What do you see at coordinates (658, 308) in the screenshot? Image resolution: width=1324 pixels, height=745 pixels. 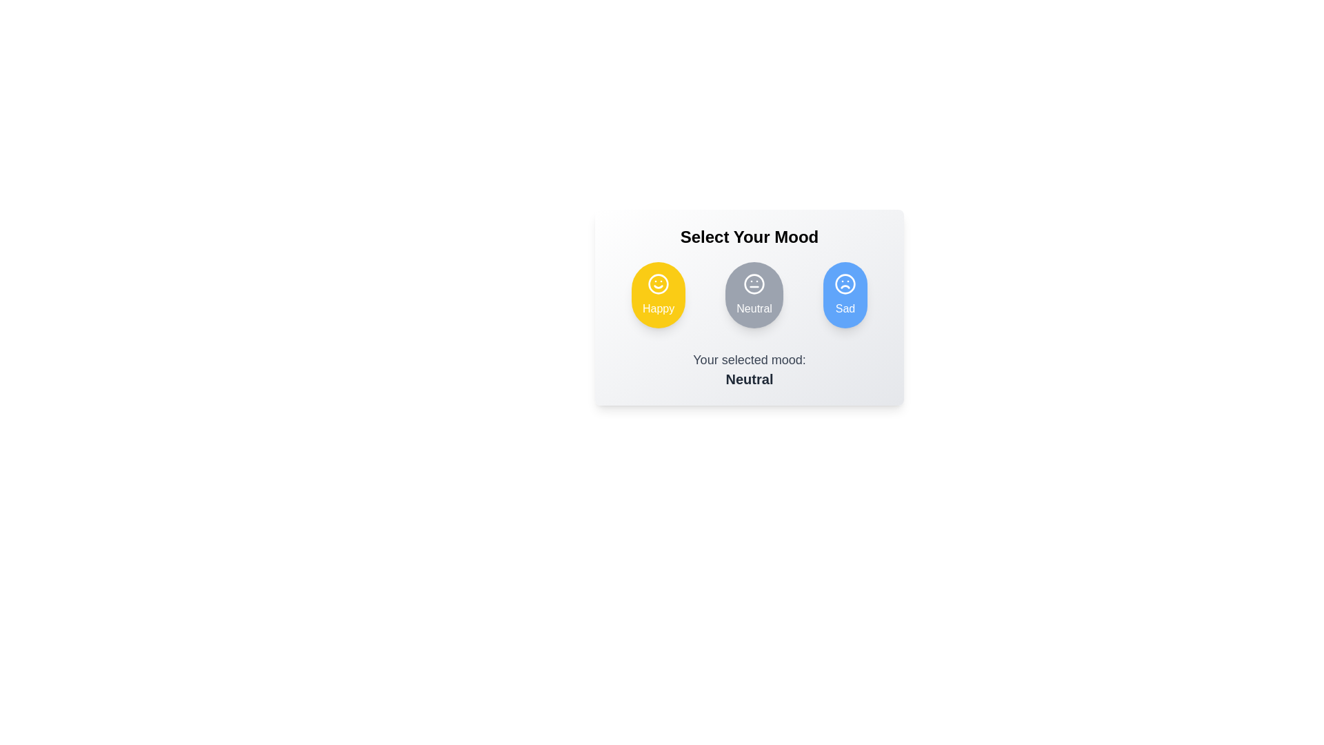 I see `text label 'Happy' which is displayed in white font on a yellow background, located beneath a smiley face icon within a circular button for mood selection` at bounding box center [658, 308].